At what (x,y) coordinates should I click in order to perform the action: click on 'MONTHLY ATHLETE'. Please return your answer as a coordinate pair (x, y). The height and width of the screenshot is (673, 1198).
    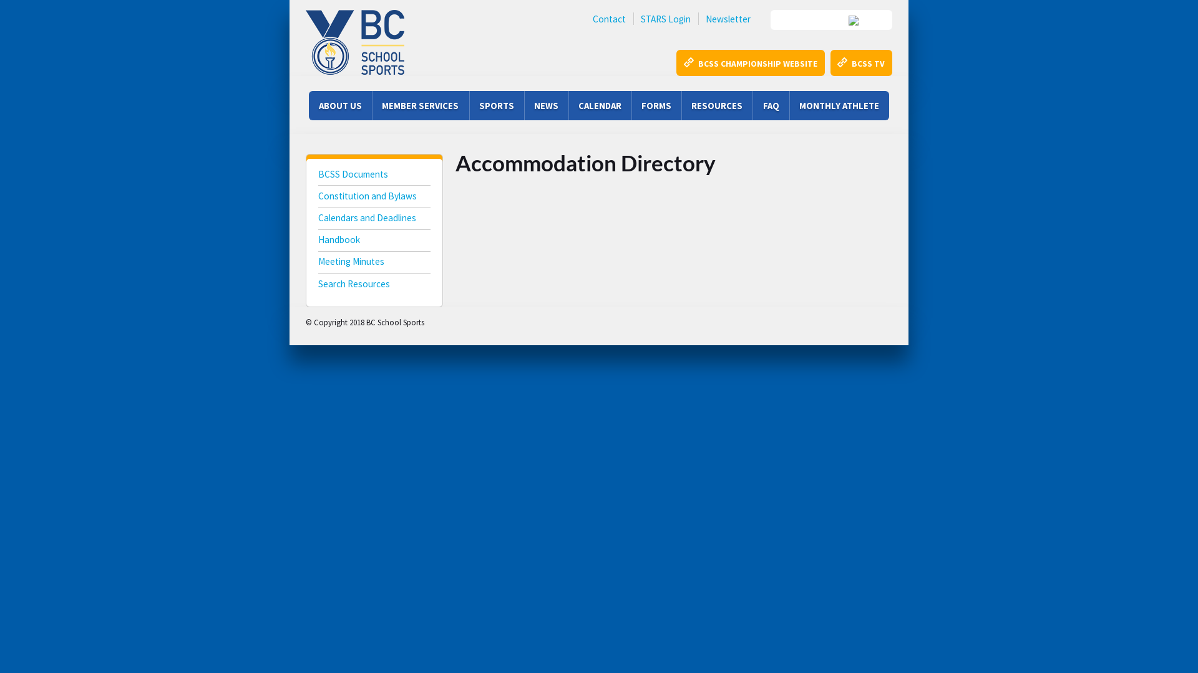
    Looking at the image, I should click on (839, 105).